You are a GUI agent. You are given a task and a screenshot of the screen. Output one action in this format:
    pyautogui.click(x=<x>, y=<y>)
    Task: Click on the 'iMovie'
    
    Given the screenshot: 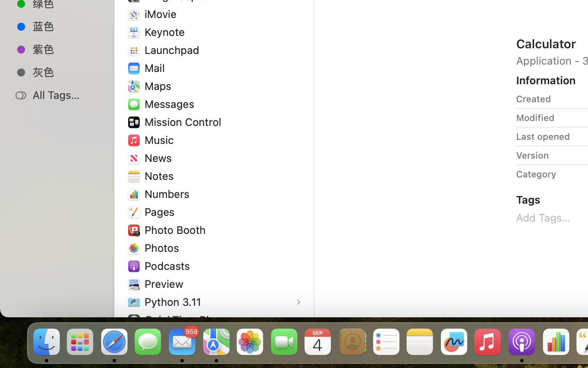 What is the action you would take?
    pyautogui.click(x=162, y=13)
    